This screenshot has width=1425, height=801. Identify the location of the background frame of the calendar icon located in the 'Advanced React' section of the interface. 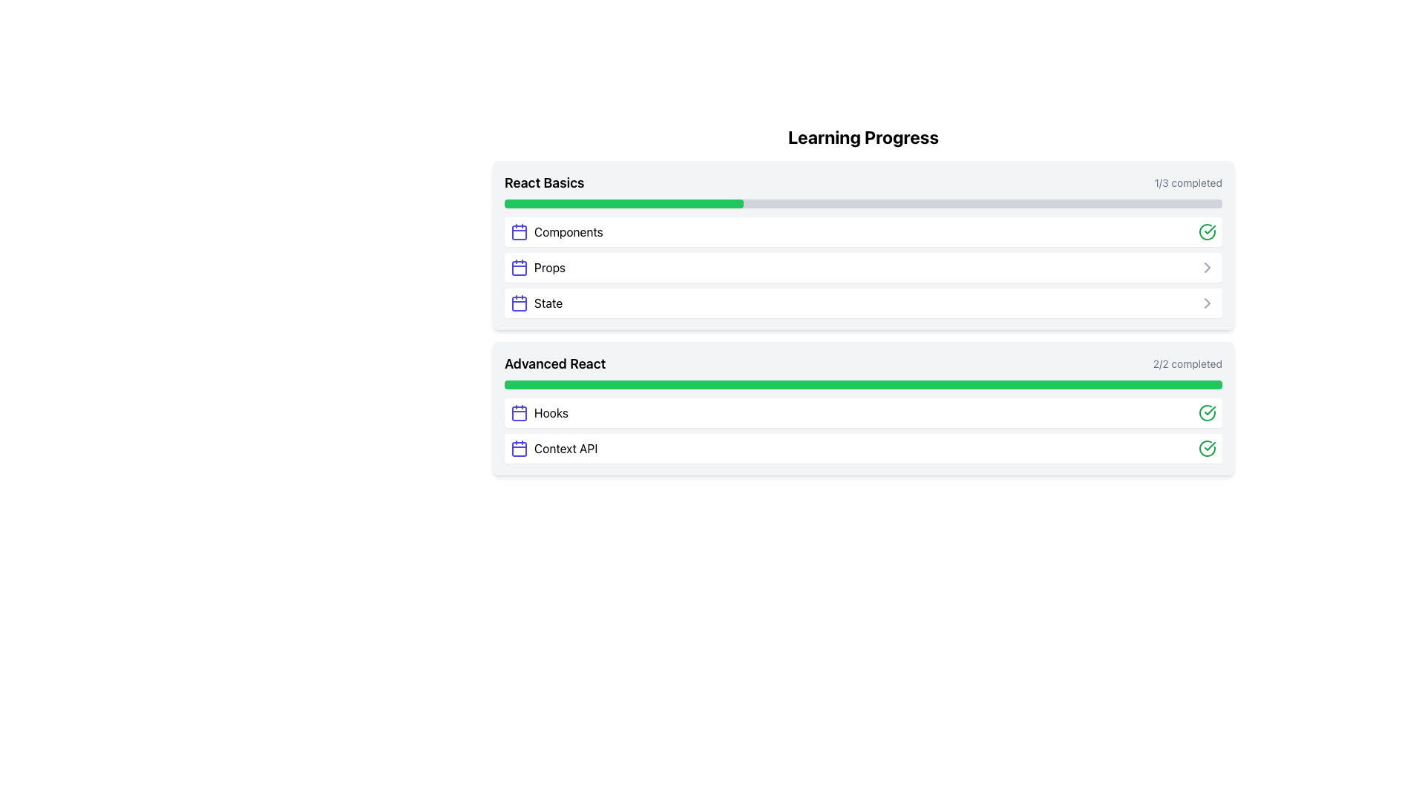
(520, 414).